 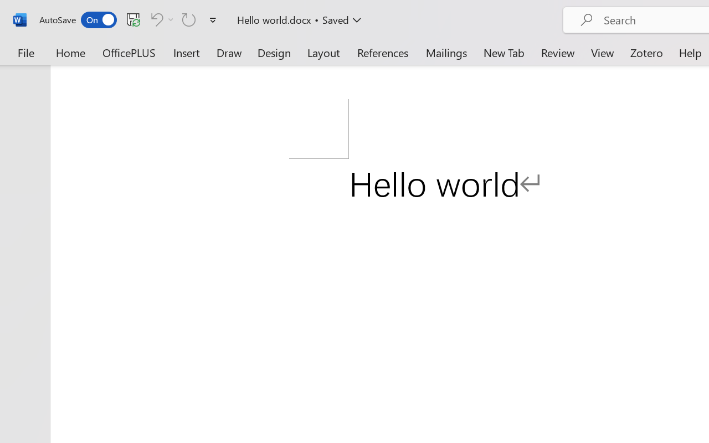 What do you see at coordinates (187, 52) in the screenshot?
I see `'Insert'` at bounding box center [187, 52].